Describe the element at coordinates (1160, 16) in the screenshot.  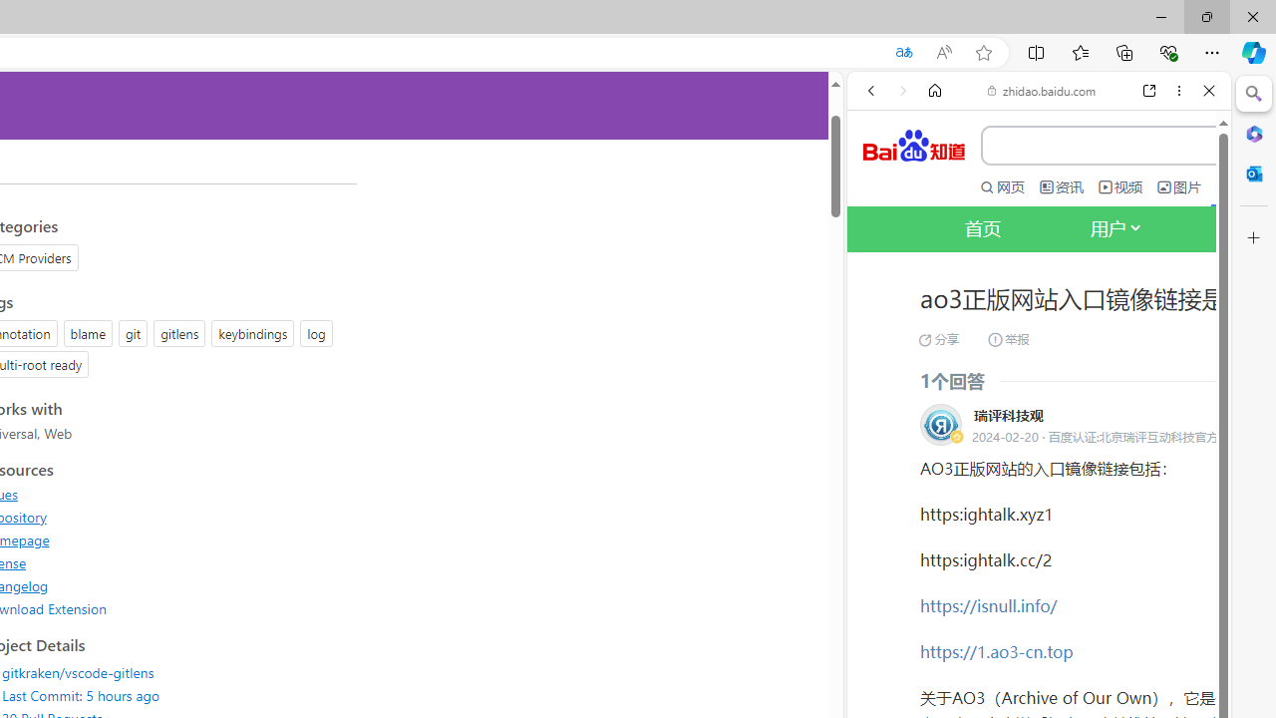
I see `'Minimize'` at that location.